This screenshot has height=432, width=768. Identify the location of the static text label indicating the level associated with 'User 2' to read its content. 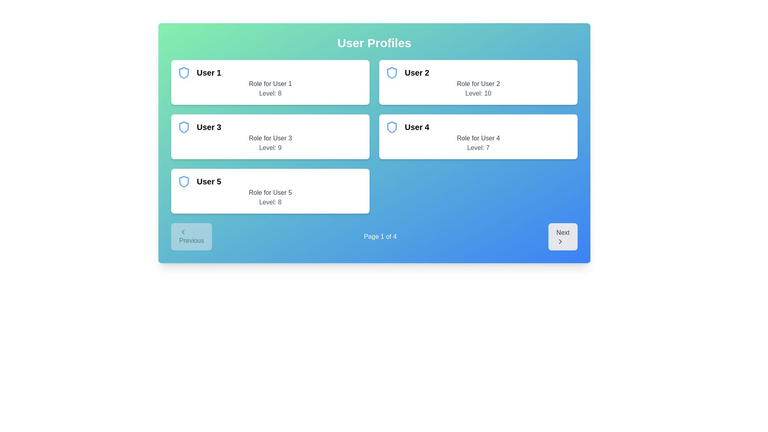
(478, 93).